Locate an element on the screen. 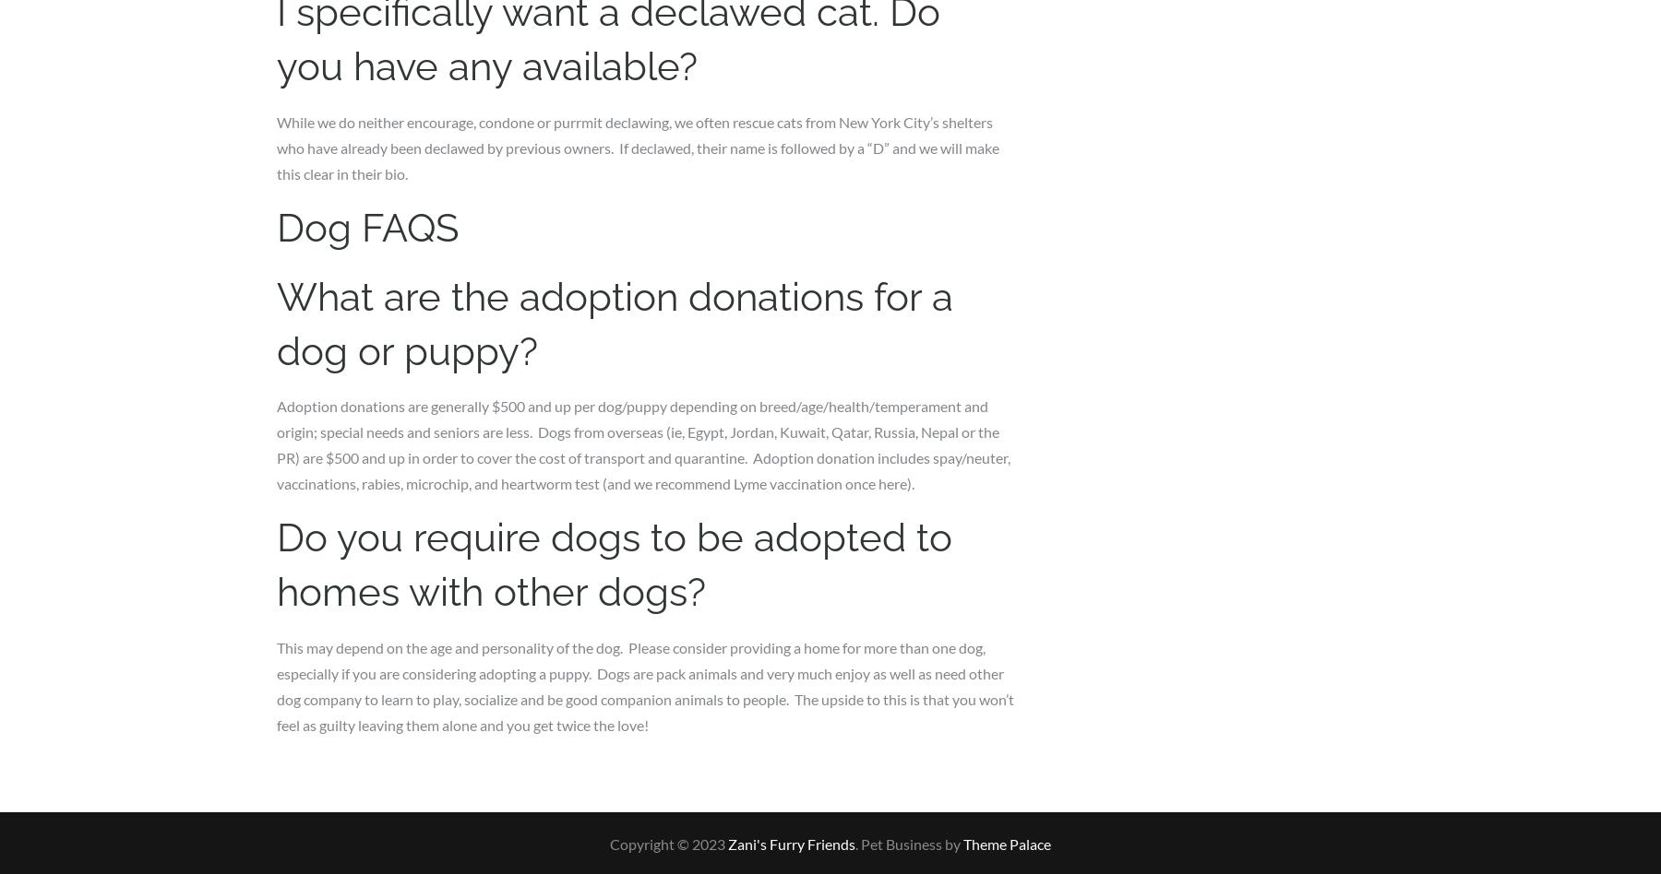  'Do you require dogs to be adopted to homes with other dogs?' is located at coordinates (615, 563).